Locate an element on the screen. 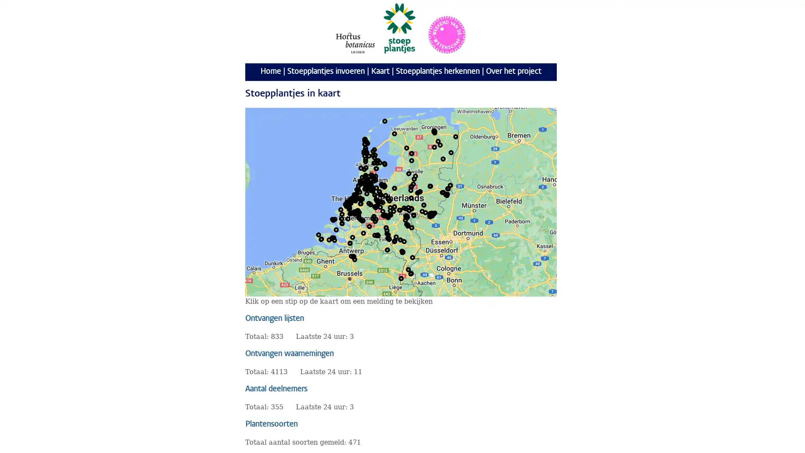 This screenshot has width=805, height=453. Telling van op 21 oktober 2021 is located at coordinates (368, 184).